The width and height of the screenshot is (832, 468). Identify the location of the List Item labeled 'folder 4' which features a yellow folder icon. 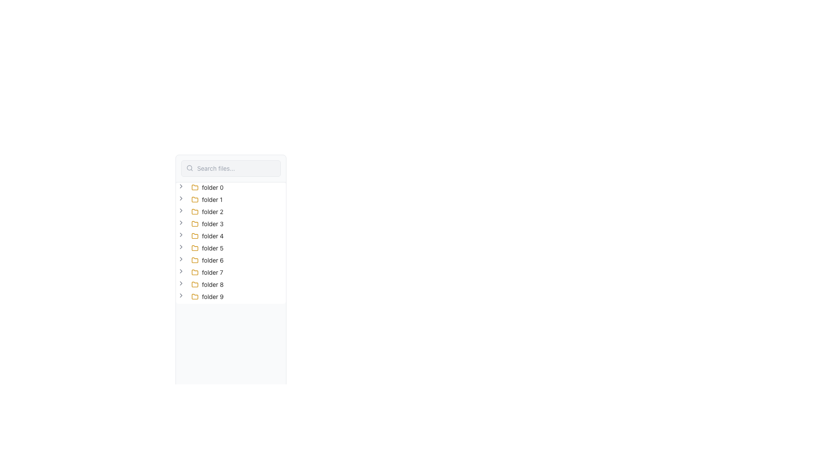
(207, 236).